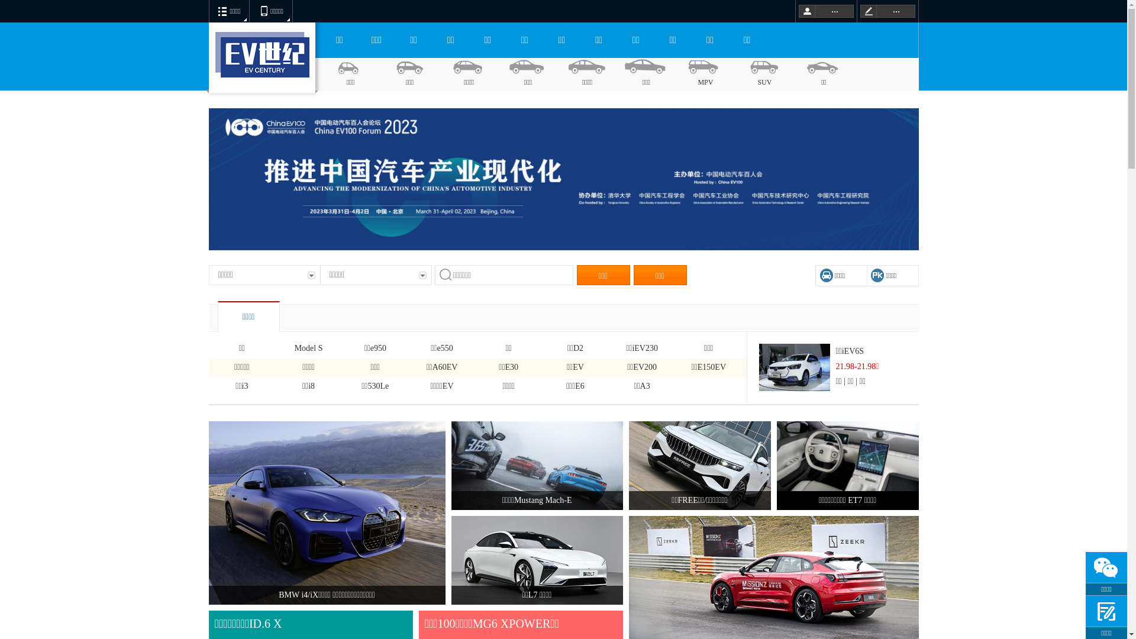  What do you see at coordinates (764, 74) in the screenshot?
I see `'SUV'` at bounding box center [764, 74].